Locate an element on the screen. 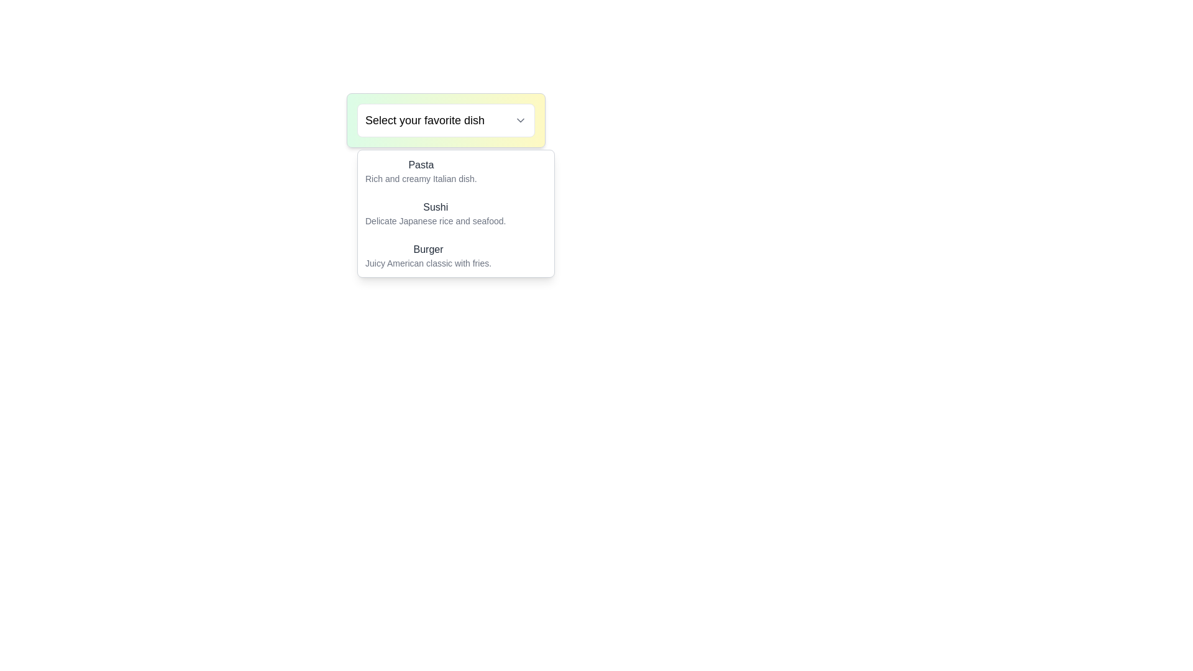 The width and height of the screenshot is (1193, 671). the 'Burger' text label in the dropdown menu is located at coordinates (428, 249).